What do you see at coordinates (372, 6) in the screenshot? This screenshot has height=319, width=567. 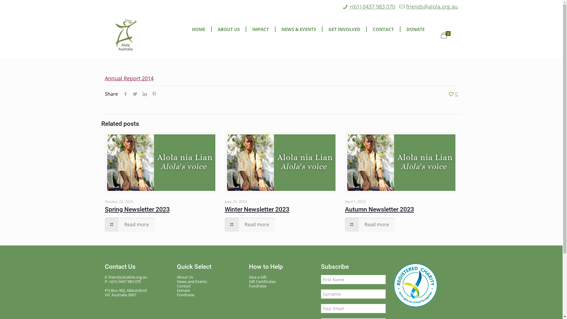 I see `'+(61) 0437 983 070'` at bounding box center [372, 6].